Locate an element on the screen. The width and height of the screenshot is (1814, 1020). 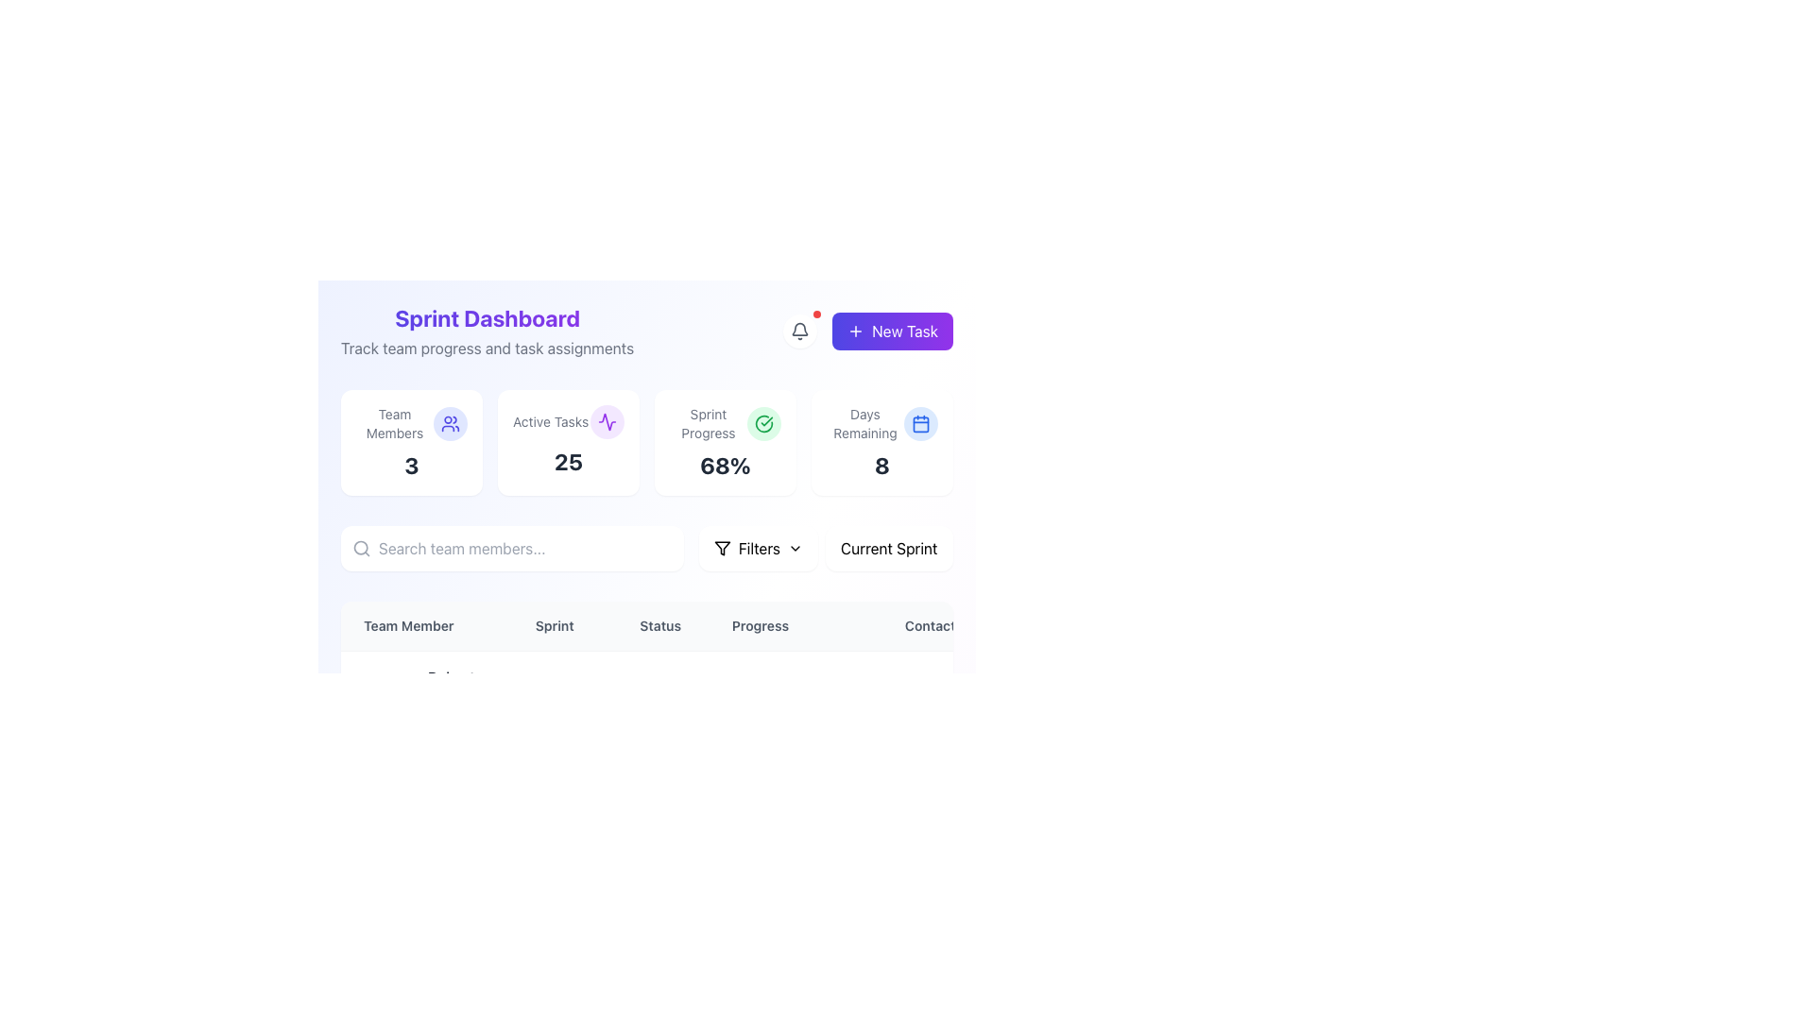
the bell icon located at the top right of the dashboard, which serves as an indicator for notifications is located at coordinates (800, 331).